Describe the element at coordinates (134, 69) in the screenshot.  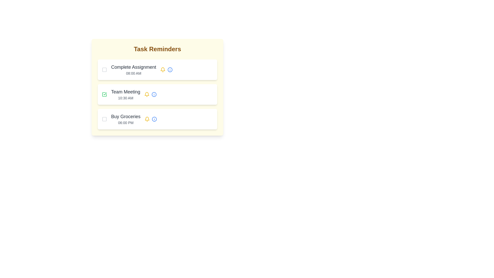
I see `contents of the text label displaying 'Complete Assignment' and '08:00 AM', which is styled with a bold title and a smaller time element, located in the topmost task reminder entry` at that location.